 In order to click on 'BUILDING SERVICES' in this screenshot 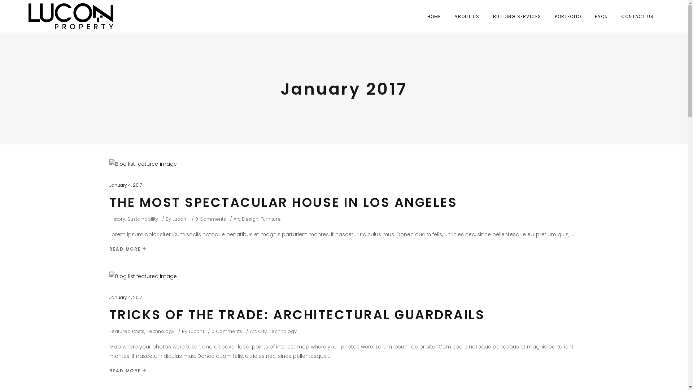, I will do `click(486, 16)`.